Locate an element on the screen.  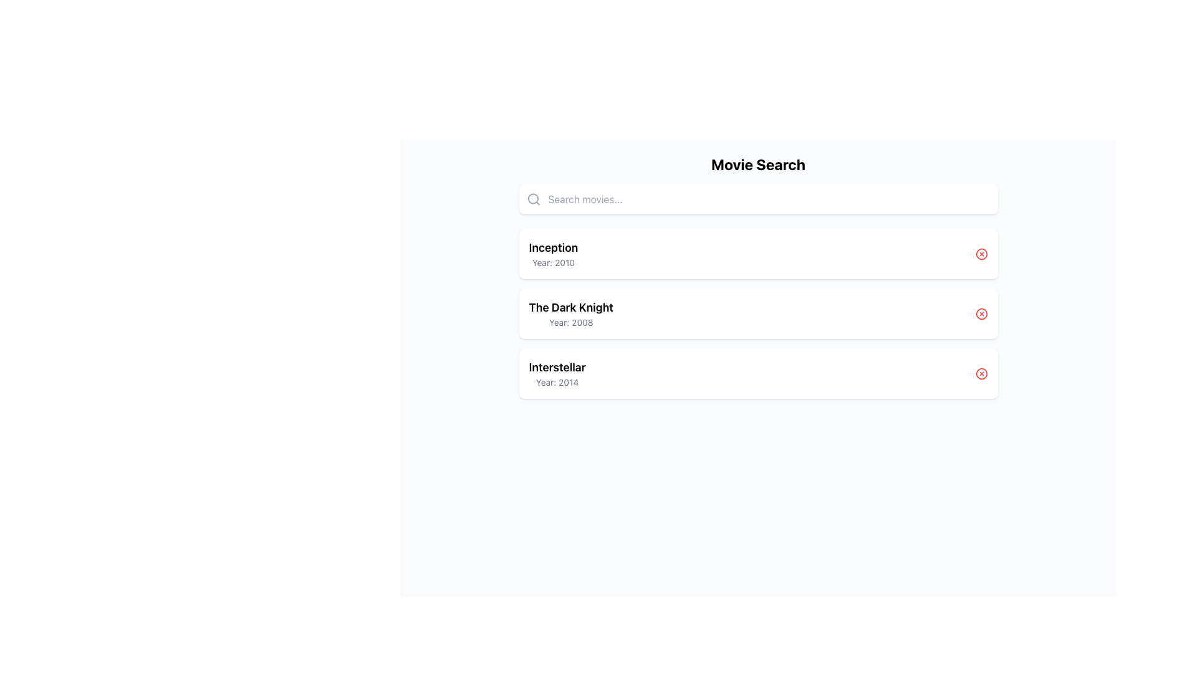
the second list item in the 'Movie Search' section is located at coordinates (757, 313).